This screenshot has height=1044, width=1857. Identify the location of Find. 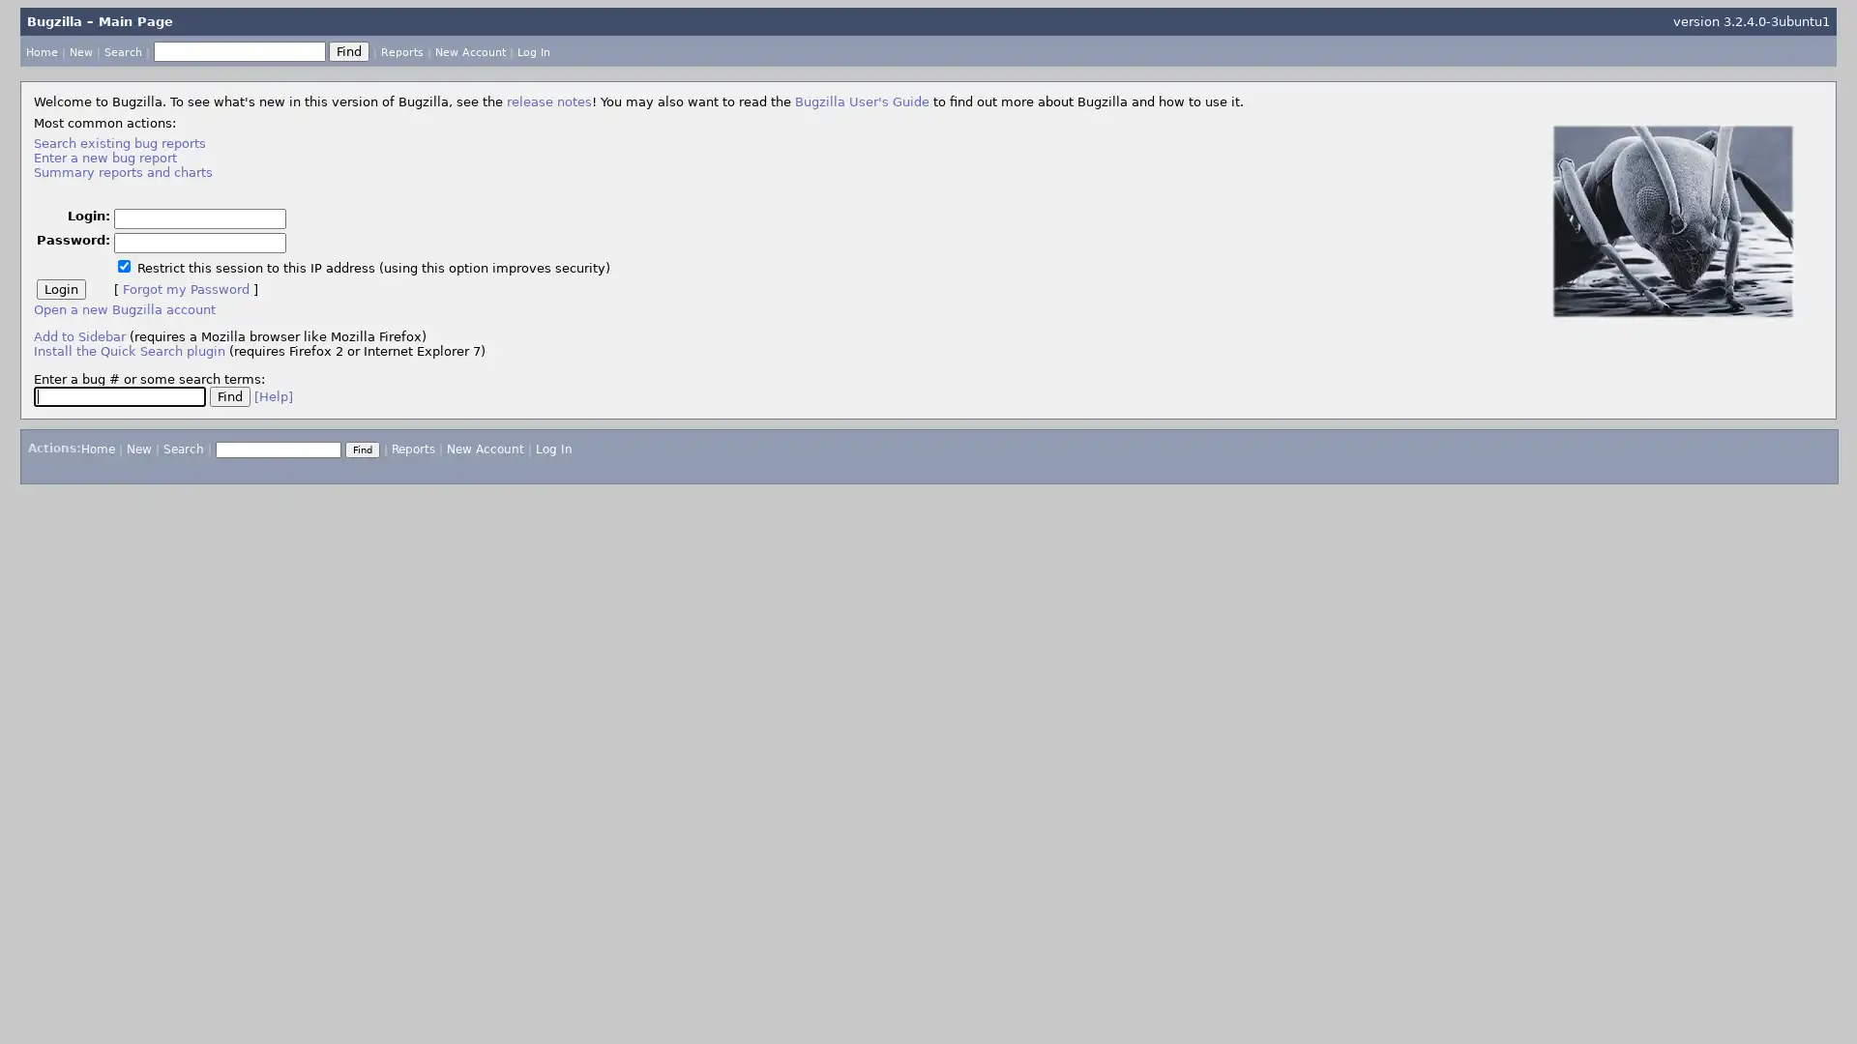
(348, 49).